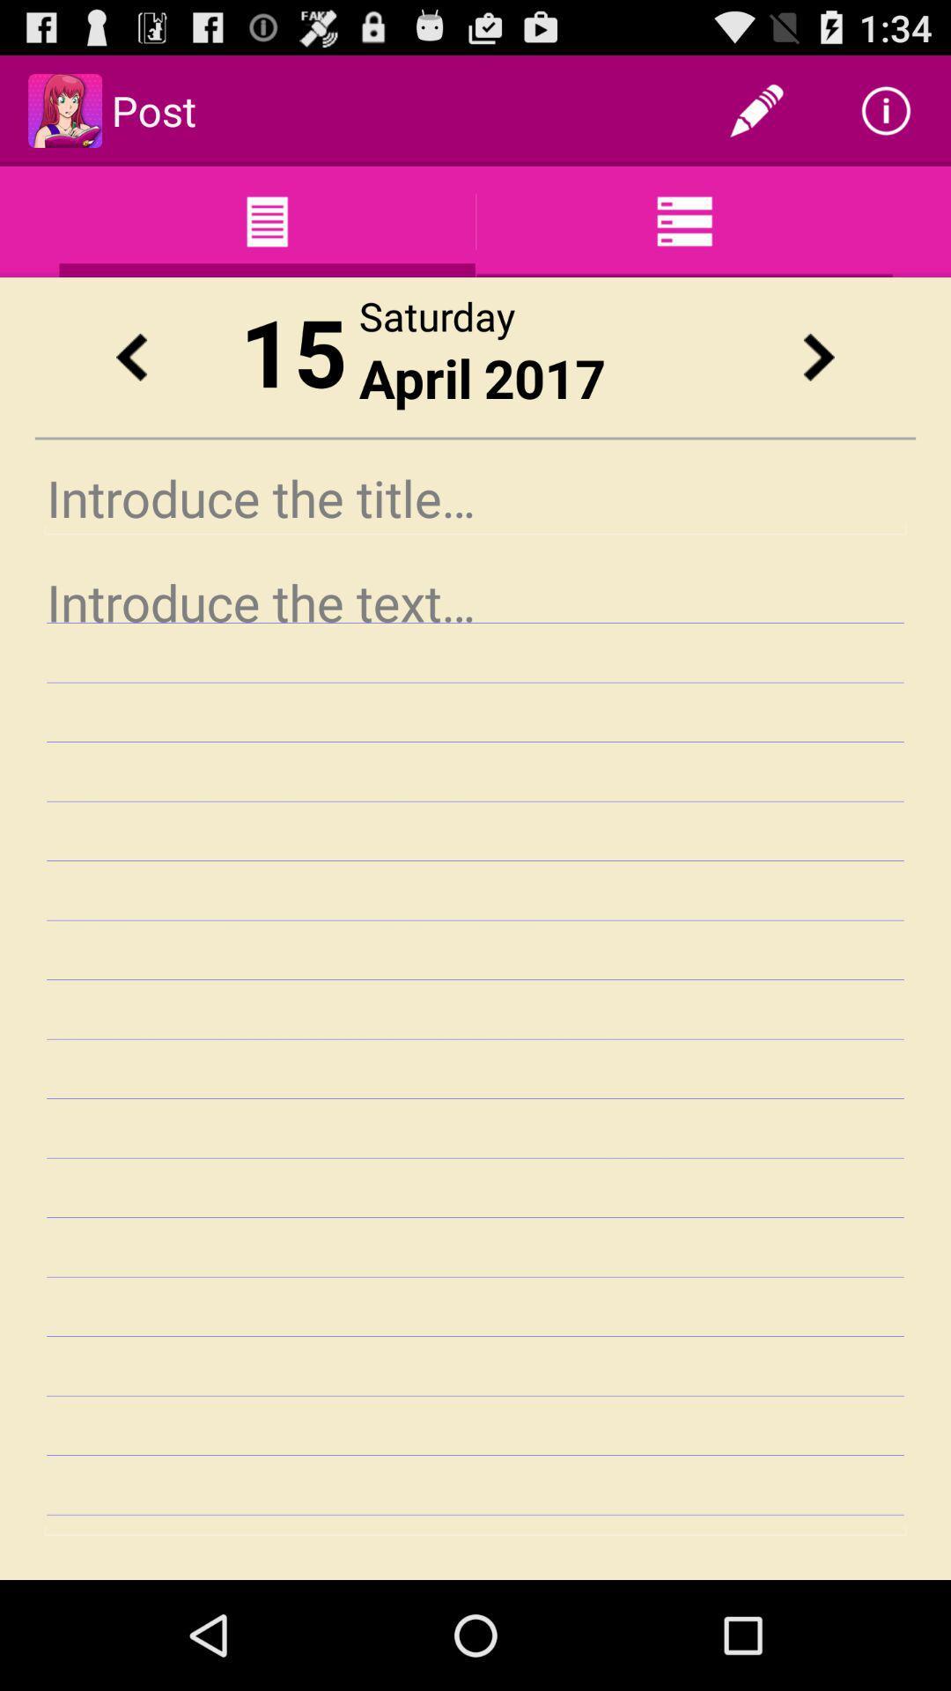  Describe the element at coordinates (475, 497) in the screenshot. I see `write text title` at that location.